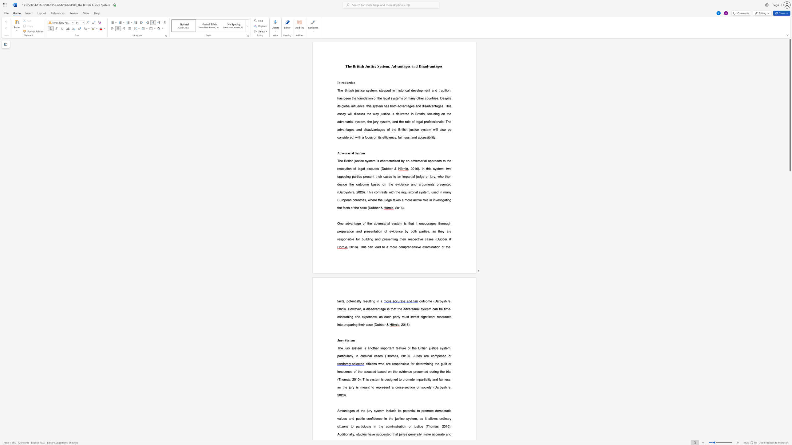 This screenshot has height=445, width=792. What do you see at coordinates (384, 168) in the screenshot?
I see `the subset text "ubb" within the text "(Dubber &"` at bounding box center [384, 168].